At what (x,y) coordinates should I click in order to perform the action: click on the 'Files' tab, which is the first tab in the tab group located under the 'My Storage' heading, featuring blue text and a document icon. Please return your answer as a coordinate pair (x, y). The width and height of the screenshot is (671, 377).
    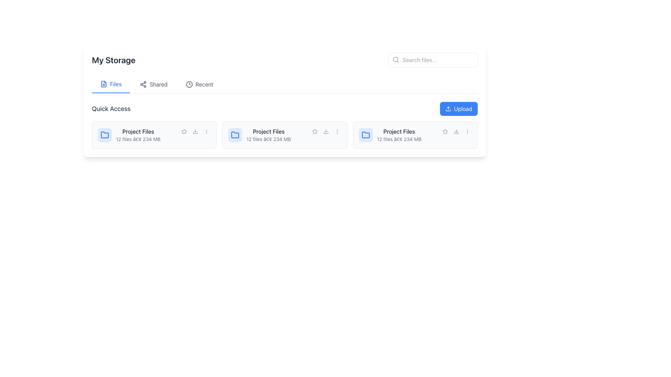
    Looking at the image, I should click on (110, 84).